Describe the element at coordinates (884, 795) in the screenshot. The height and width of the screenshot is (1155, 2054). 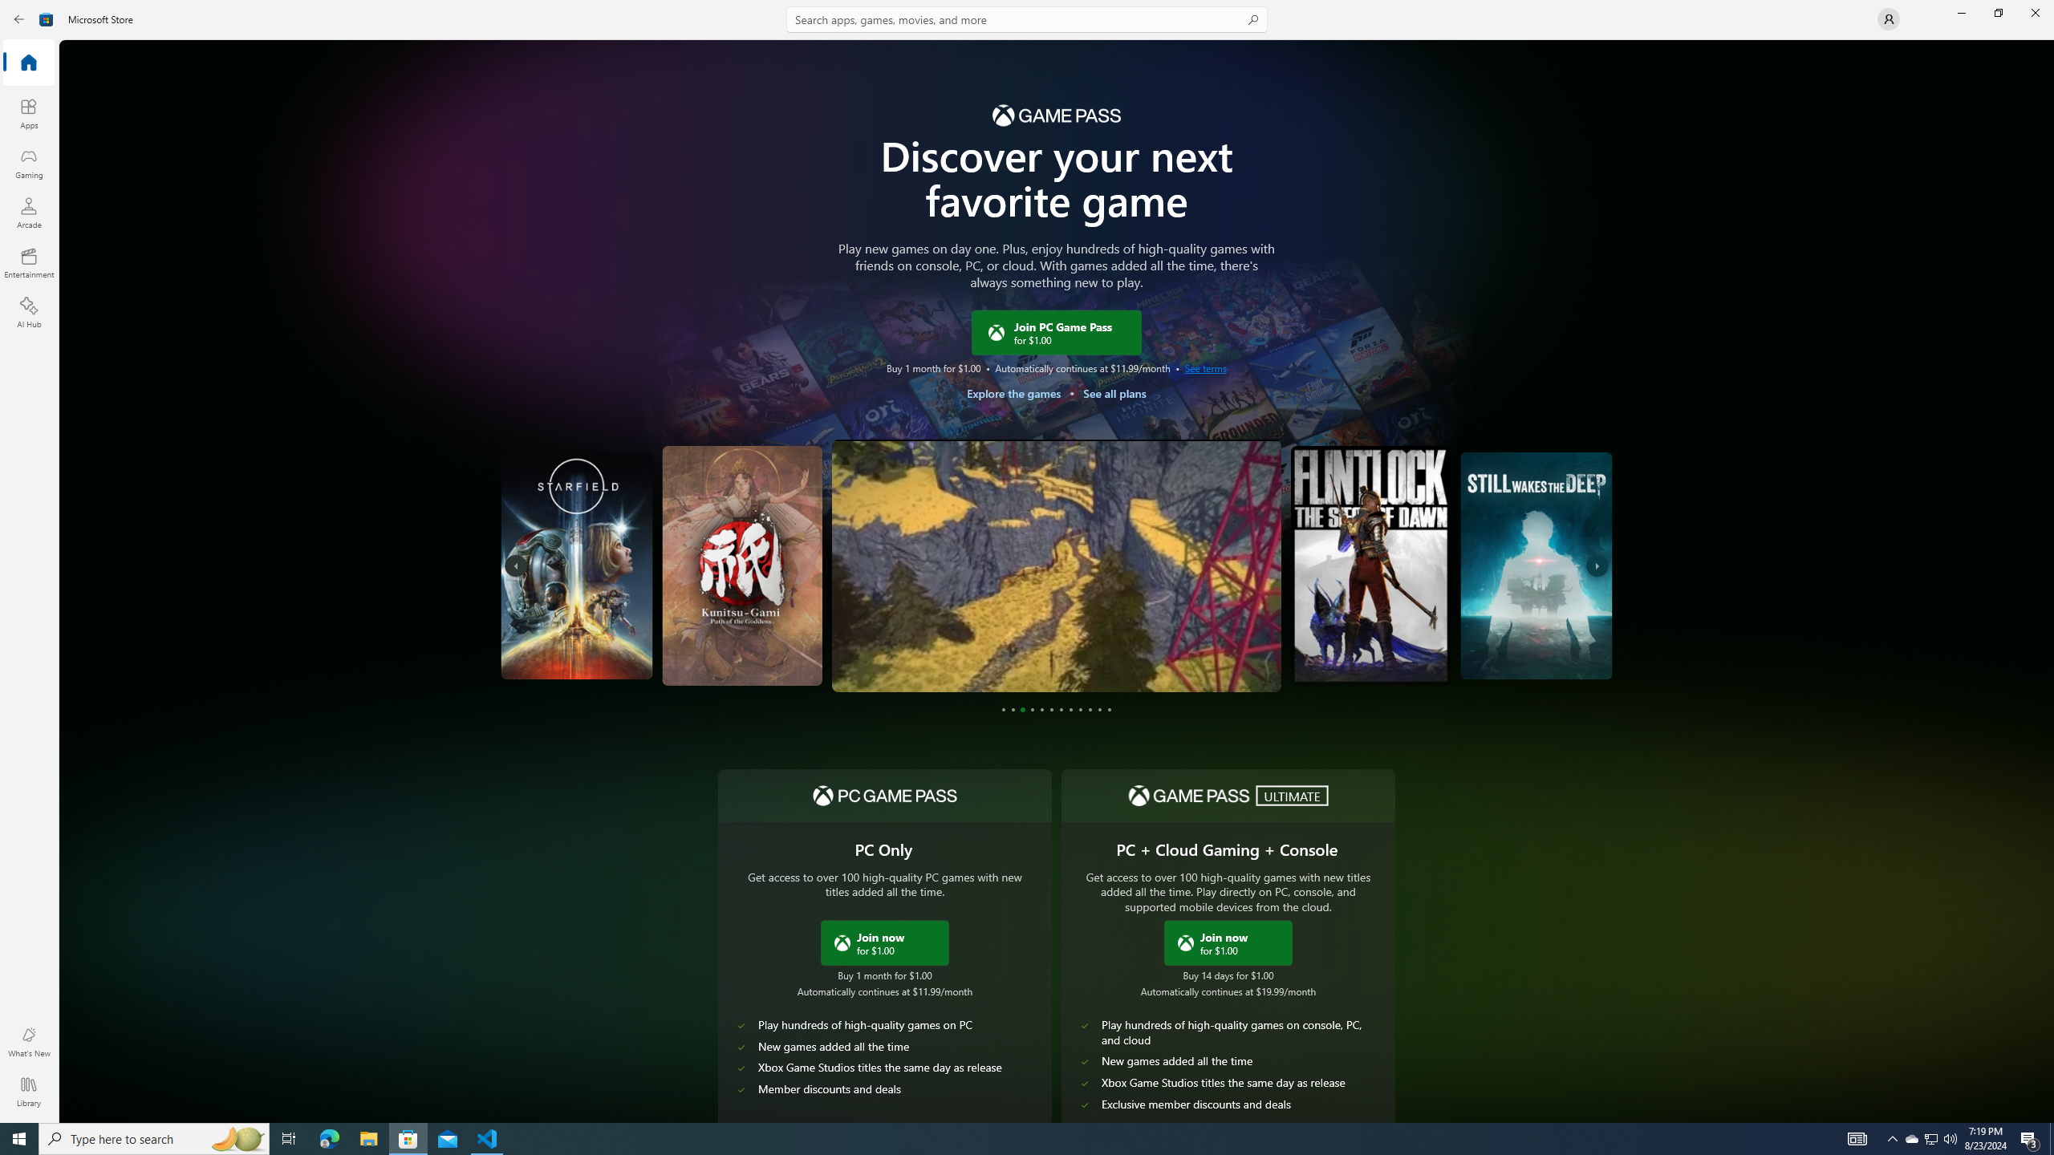
I see `'PC Game Pass logo'` at that location.